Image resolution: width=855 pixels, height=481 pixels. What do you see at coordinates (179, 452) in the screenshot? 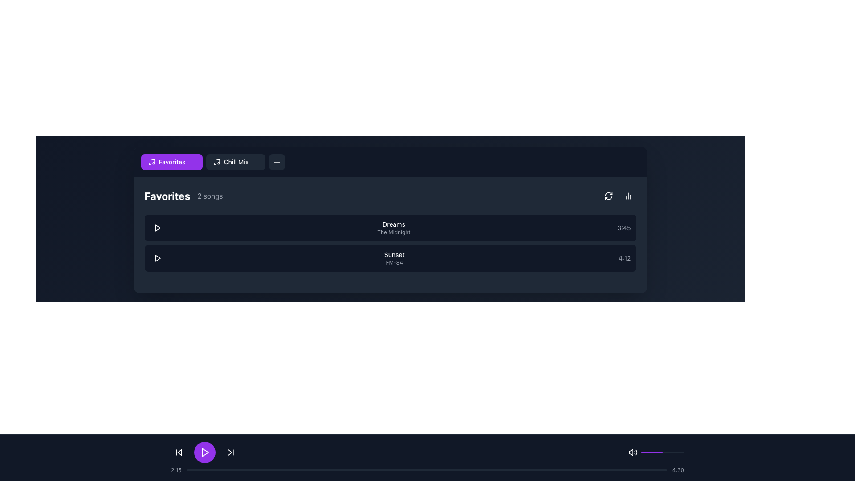
I see `the circular button with a dark background and a white backward skip icon located on the leftmost side of the playback control section to skip backward to the previous track or restart the current track` at bounding box center [179, 452].